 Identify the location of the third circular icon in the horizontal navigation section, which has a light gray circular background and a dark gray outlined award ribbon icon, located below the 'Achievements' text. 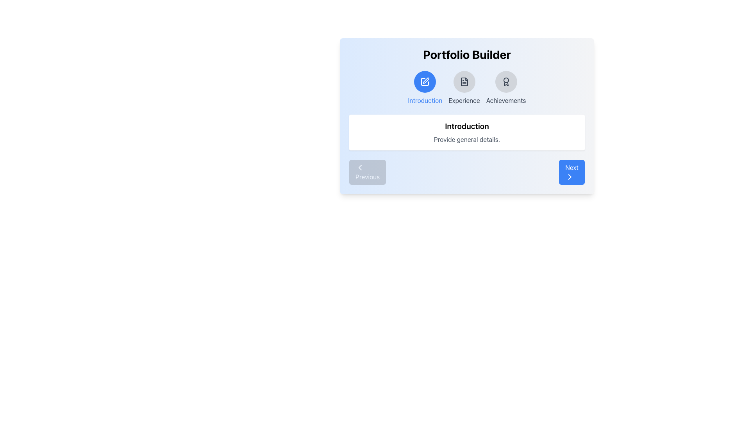
(506, 81).